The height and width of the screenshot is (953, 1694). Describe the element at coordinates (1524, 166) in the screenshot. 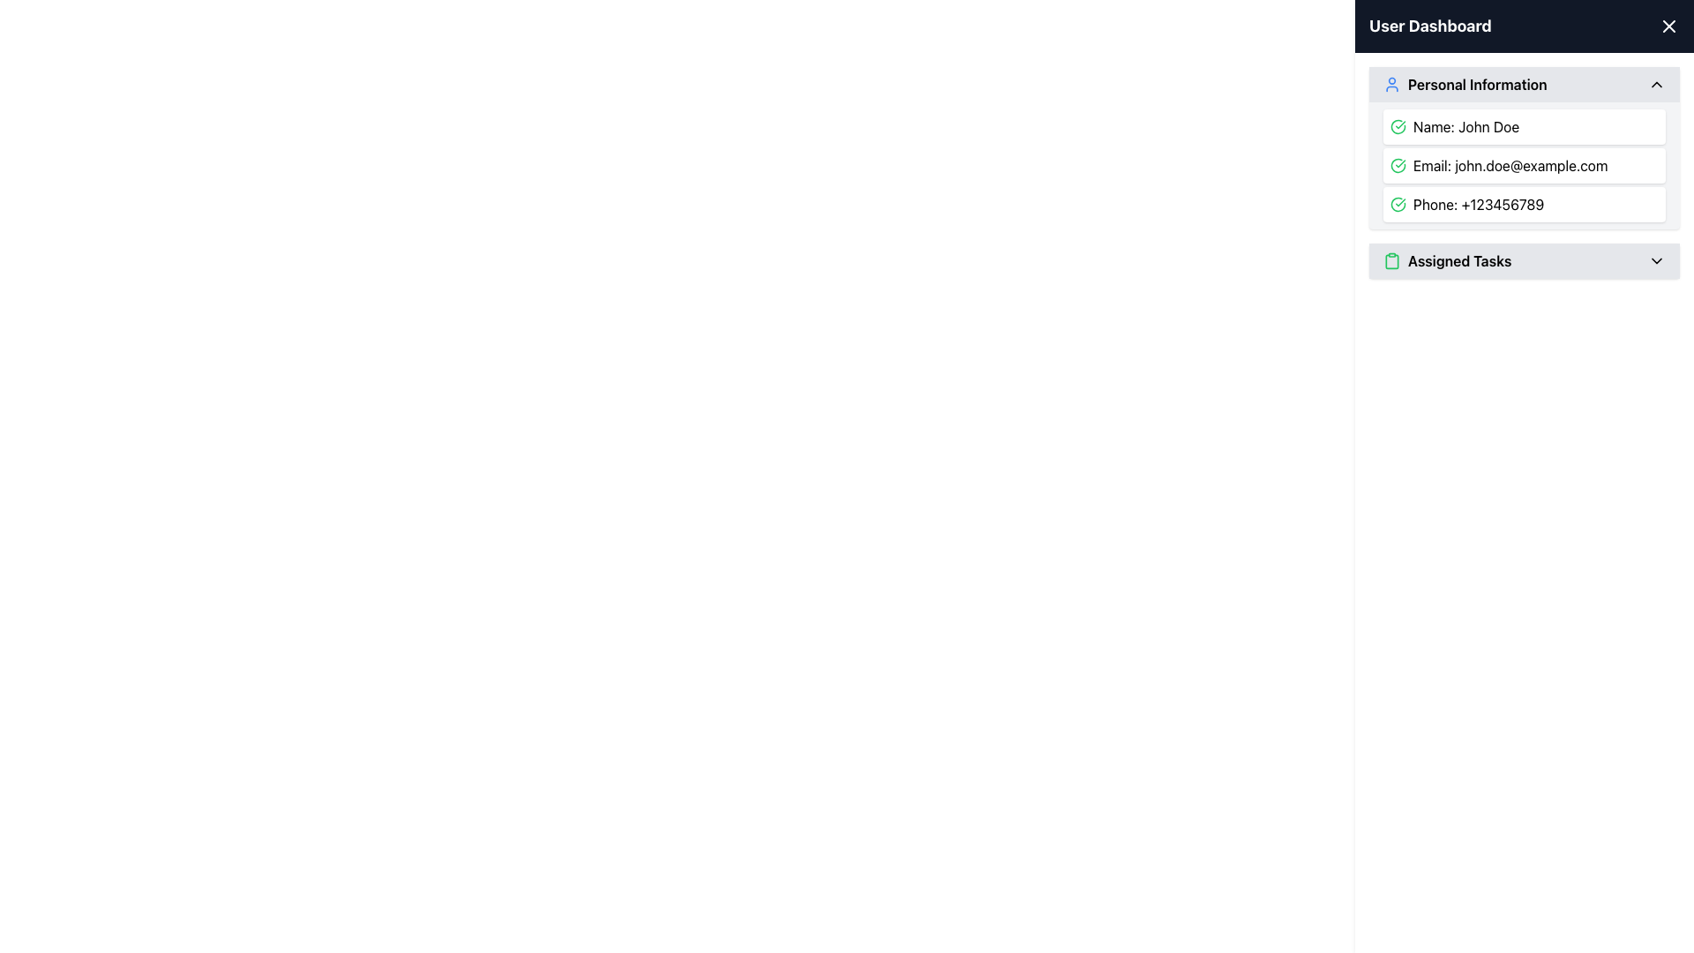

I see `the 'john.doe@example.com' Text with Icon element, which is styled with a green checkmark icon and is located in the 'Personal Information' section between the 'Name: John Doe' and 'Phone: +123456789' entries` at that location.